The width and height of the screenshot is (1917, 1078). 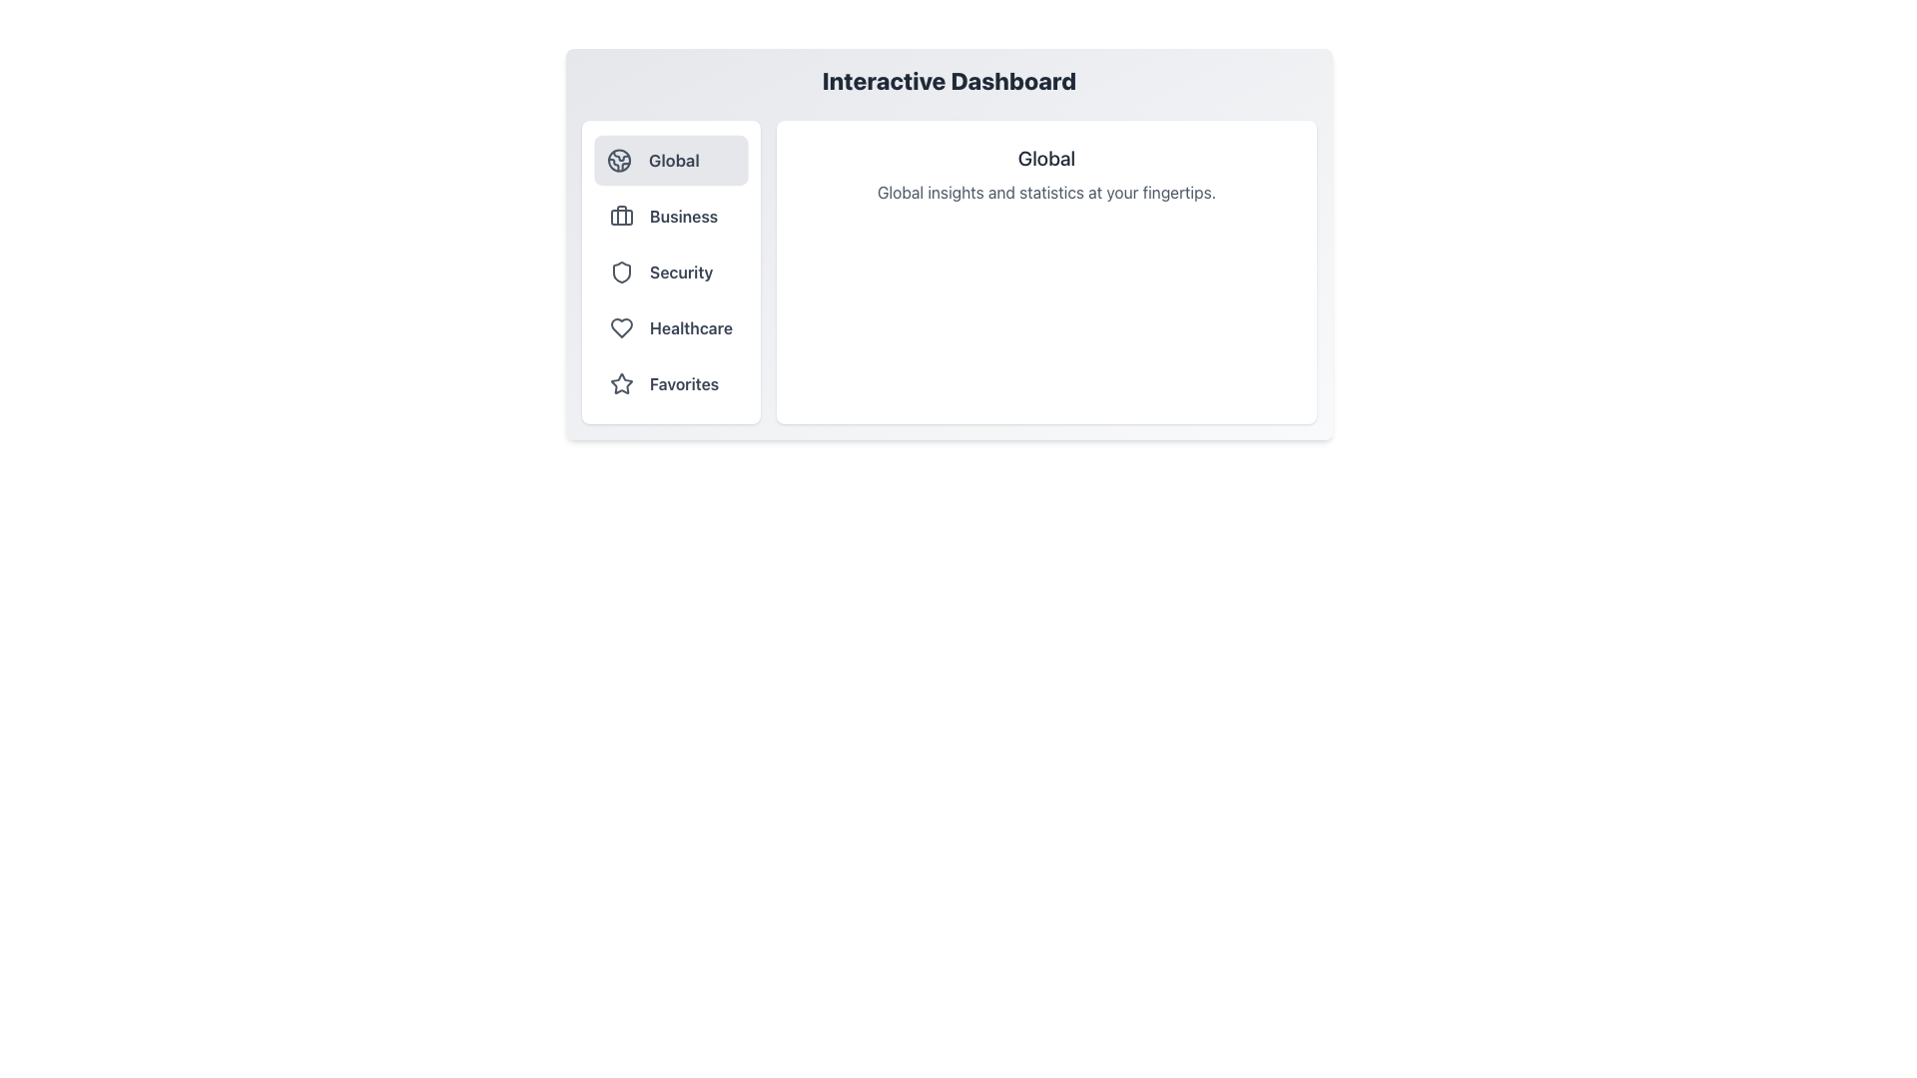 I want to click on the gray briefcase icon located to the left of the text 'Business' in the second selectable menu item of the vertical navigation bar, so click(x=621, y=216).